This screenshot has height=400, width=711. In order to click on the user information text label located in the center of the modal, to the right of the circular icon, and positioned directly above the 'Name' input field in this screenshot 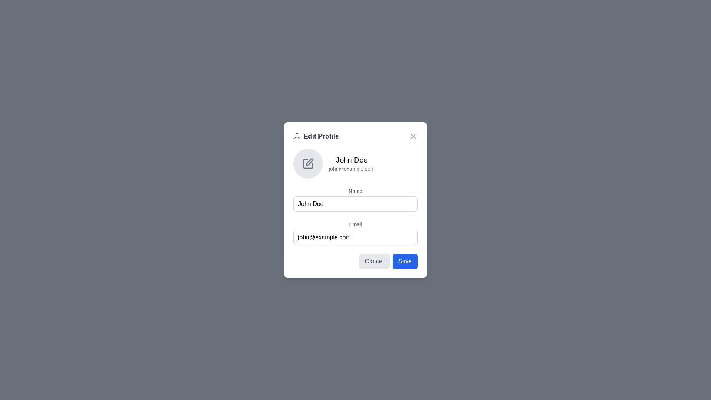, I will do `click(351, 163)`.